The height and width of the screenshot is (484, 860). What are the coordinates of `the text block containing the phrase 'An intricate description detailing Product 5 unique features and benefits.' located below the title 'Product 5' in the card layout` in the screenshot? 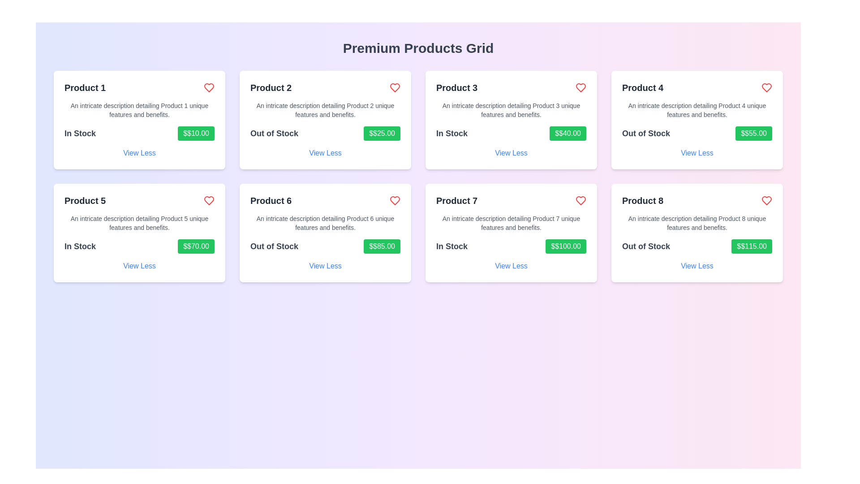 It's located at (139, 222).